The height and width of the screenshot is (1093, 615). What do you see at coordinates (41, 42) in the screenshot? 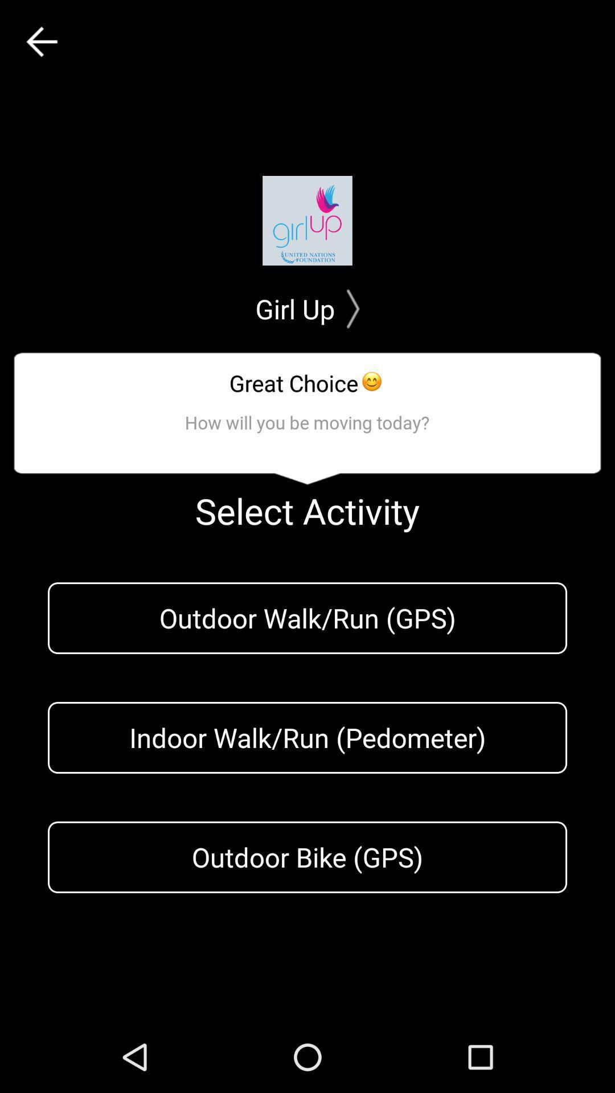
I see `the arrow_backward icon` at bounding box center [41, 42].